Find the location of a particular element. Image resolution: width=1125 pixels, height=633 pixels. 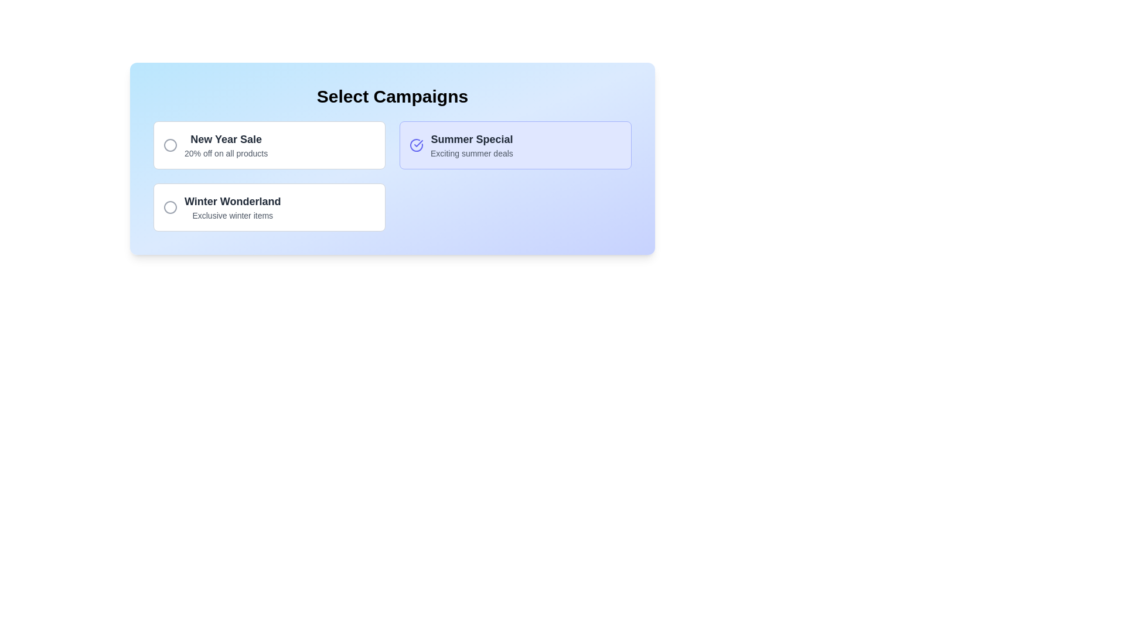

text from the 'Winter Wonderland' text label, which is styled in a bold font and located in the bottom left panel of the 'Select Campaigns' interface is located at coordinates (233, 200).